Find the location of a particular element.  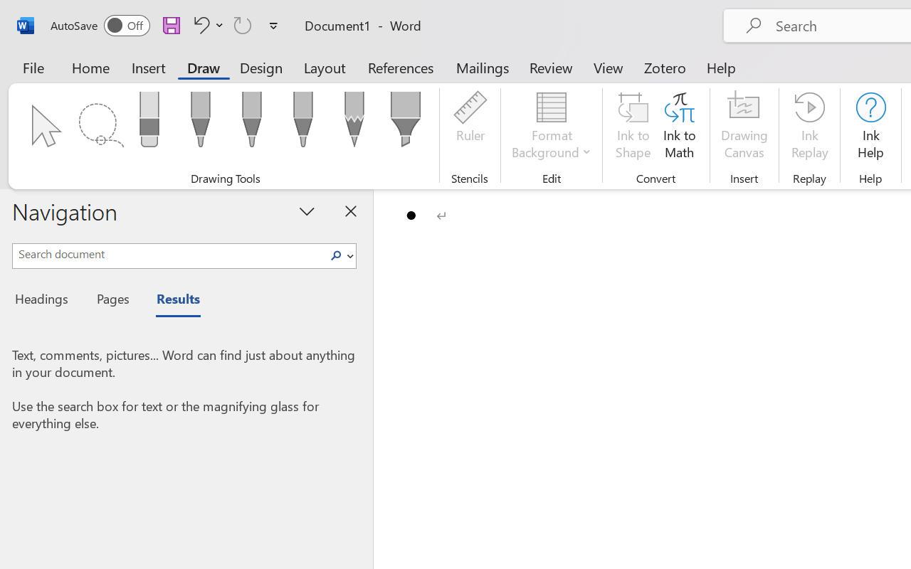

'Format Background' is located at coordinates (551, 127).